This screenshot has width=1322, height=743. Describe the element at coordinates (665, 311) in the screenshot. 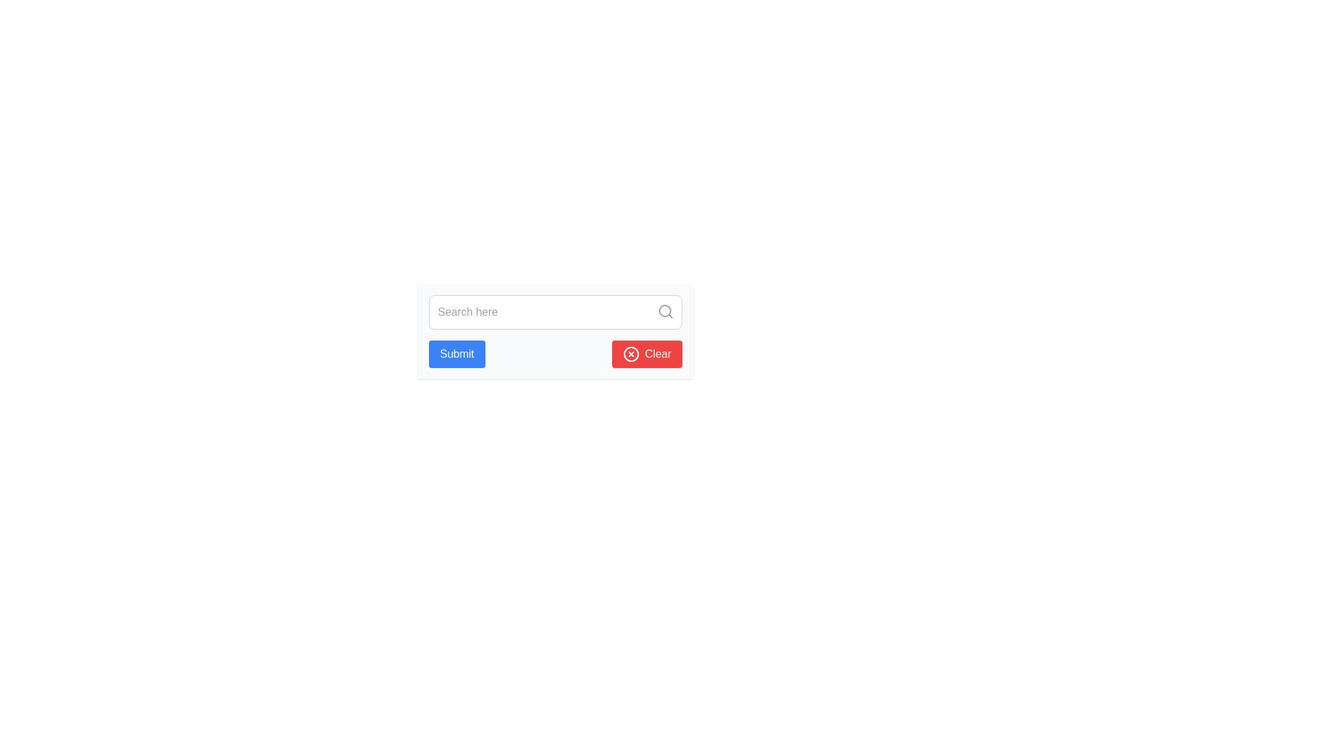

I see `the search icon located towards the right side of the input field's rectangular box to initiate a search operation after entering a query` at that location.